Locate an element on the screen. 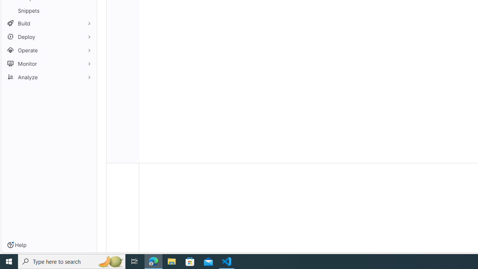 The image size is (478, 269). 'Operate' is located at coordinates (49, 50).